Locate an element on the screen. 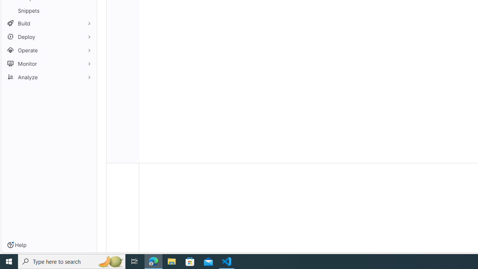 The image size is (478, 269). 'Operate' is located at coordinates (49, 50).